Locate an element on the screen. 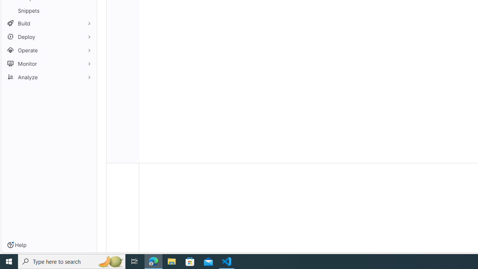 The image size is (478, 269). 'Operate' is located at coordinates (49, 50).